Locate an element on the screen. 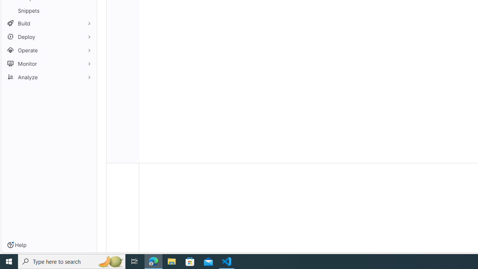 The image size is (478, 269). 'Operate' is located at coordinates (49, 50).